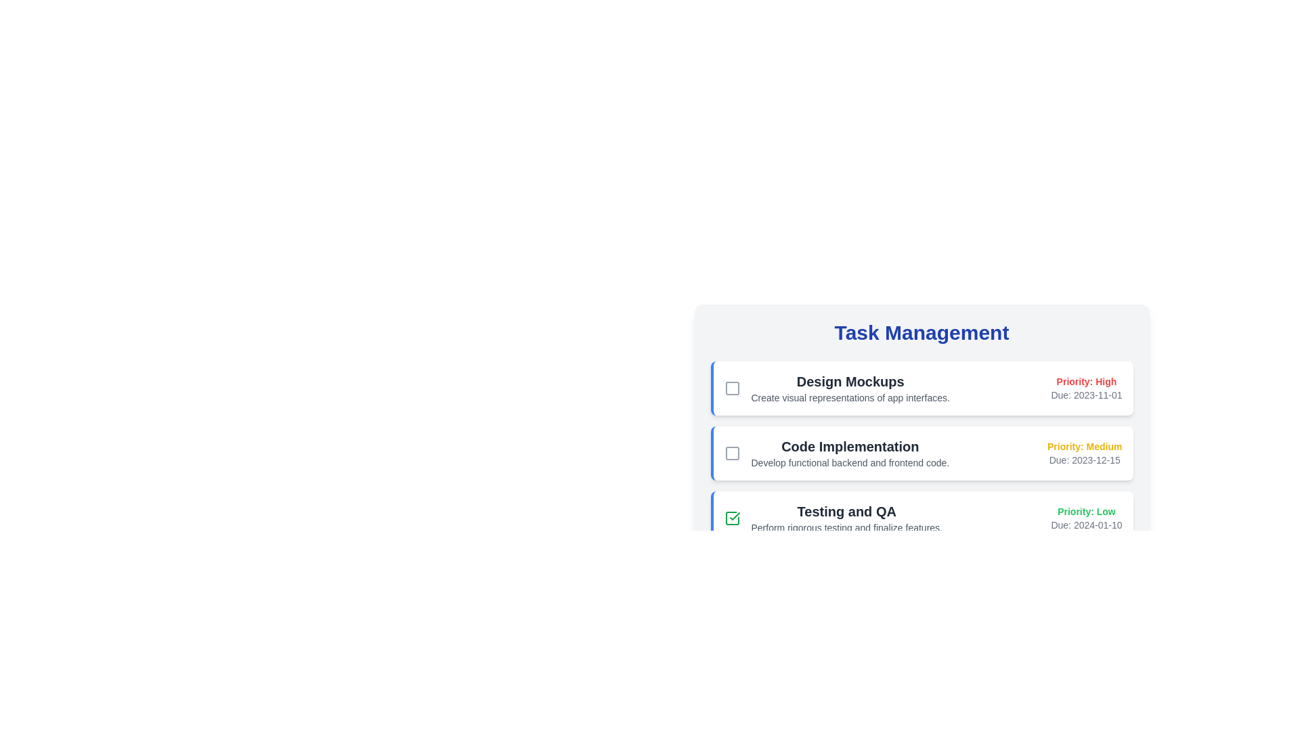 Image resolution: width=1300 pixels, height=731 pixels. What do you see at coordinates (1086, 518) in the screenshot?
I see `priority level and due date from the label or badge located in the bottom right corner of the 'Testing and QA' task card` at bounding box center [1086, 518].